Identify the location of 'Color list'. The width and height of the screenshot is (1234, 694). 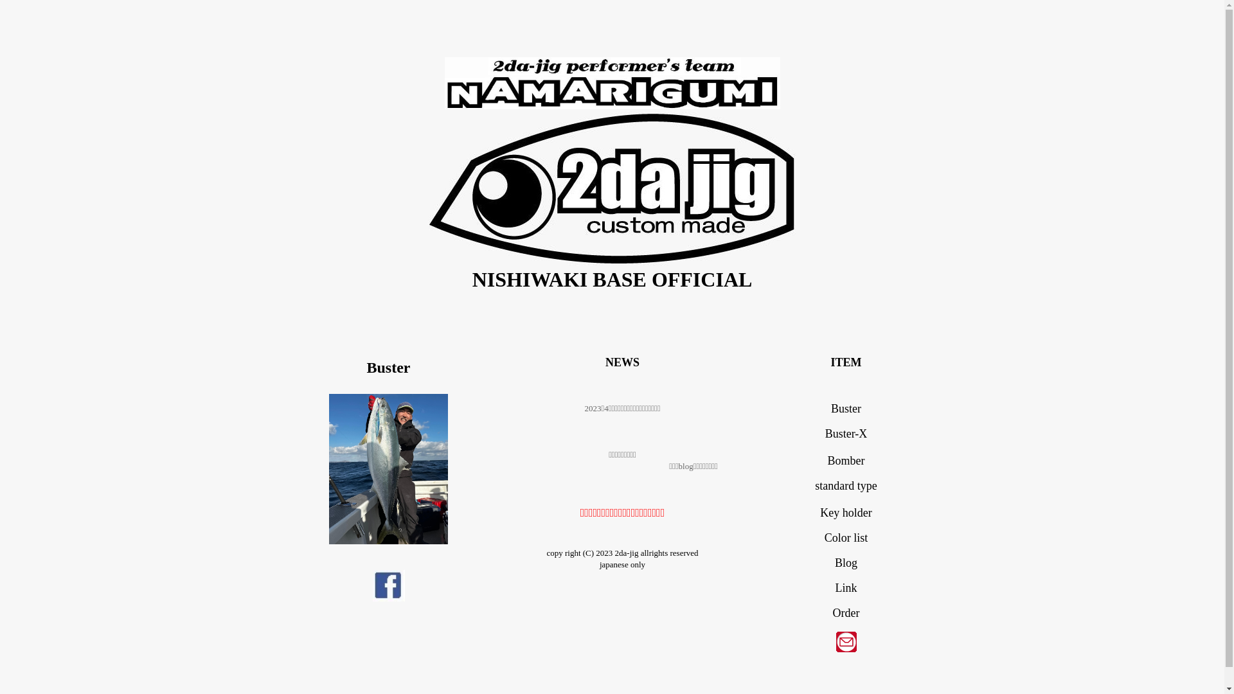
(824, 538).